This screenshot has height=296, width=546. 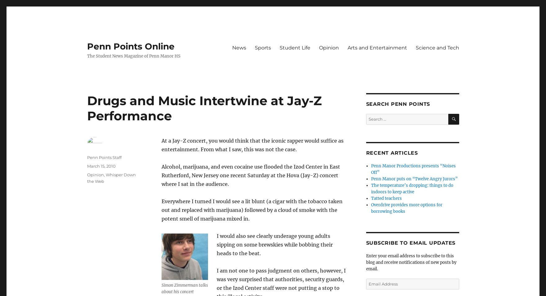 What do you see at coordinates (366, 104) in the screenshot?
I see `'Search Penn Points'` at bounding box center [366, 104].